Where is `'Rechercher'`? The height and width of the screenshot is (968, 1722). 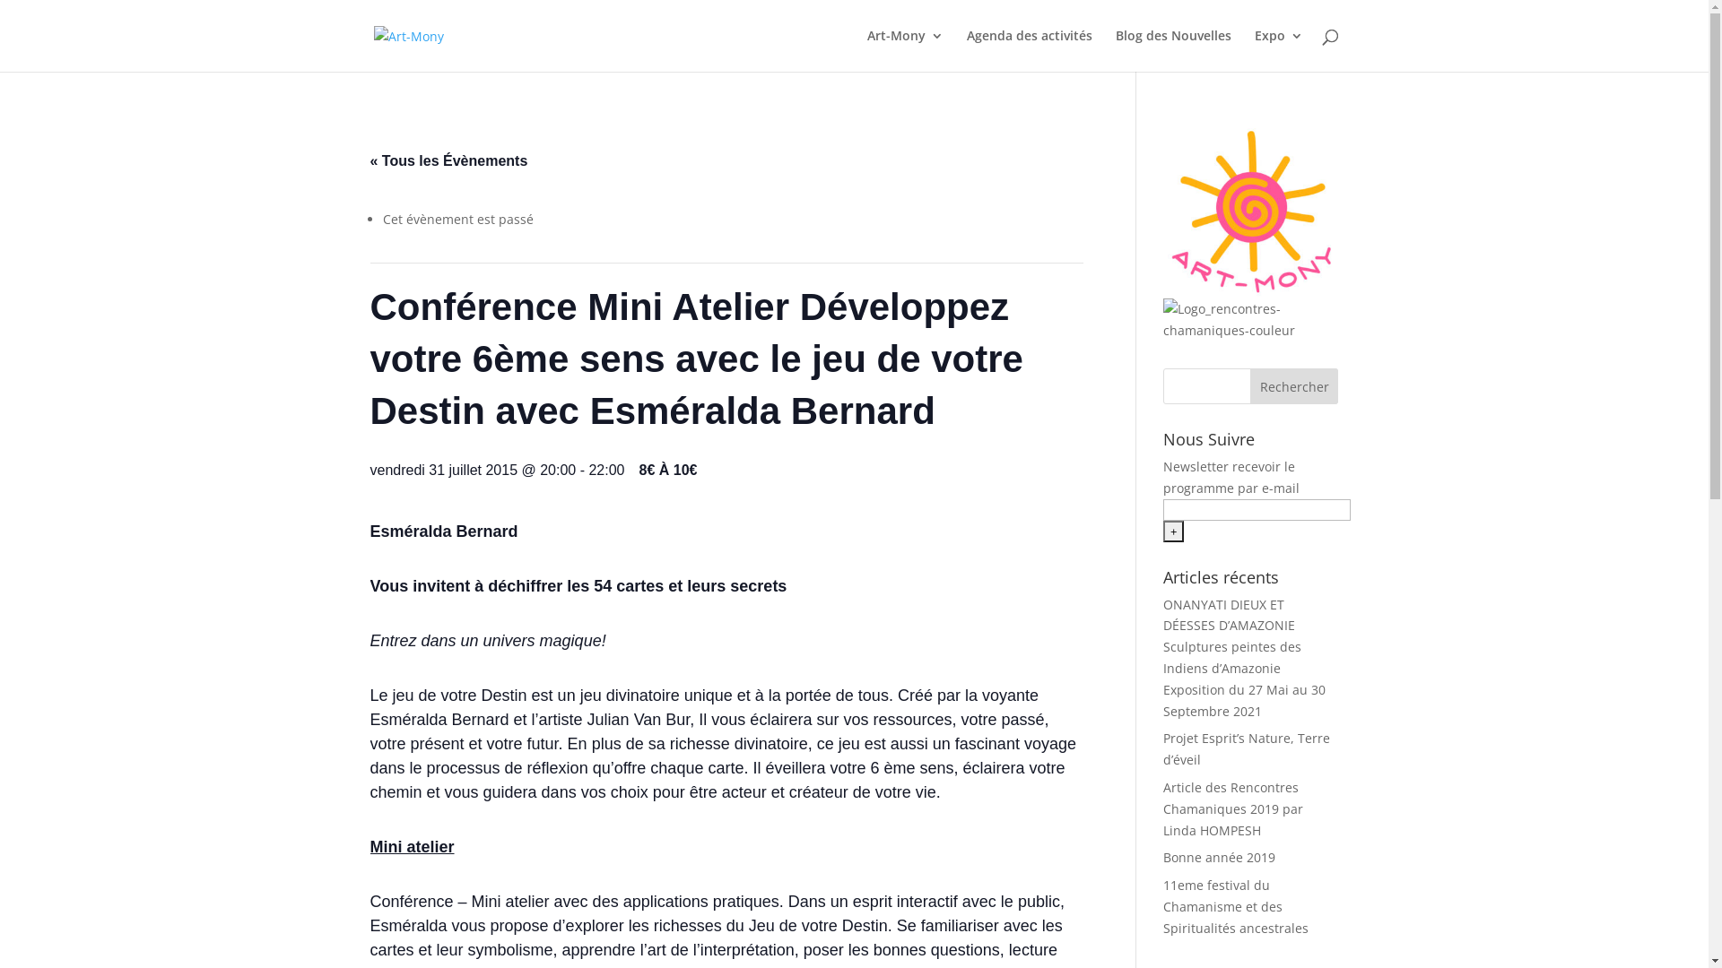 'Rechercher' is located at coordinates (1248, 385).